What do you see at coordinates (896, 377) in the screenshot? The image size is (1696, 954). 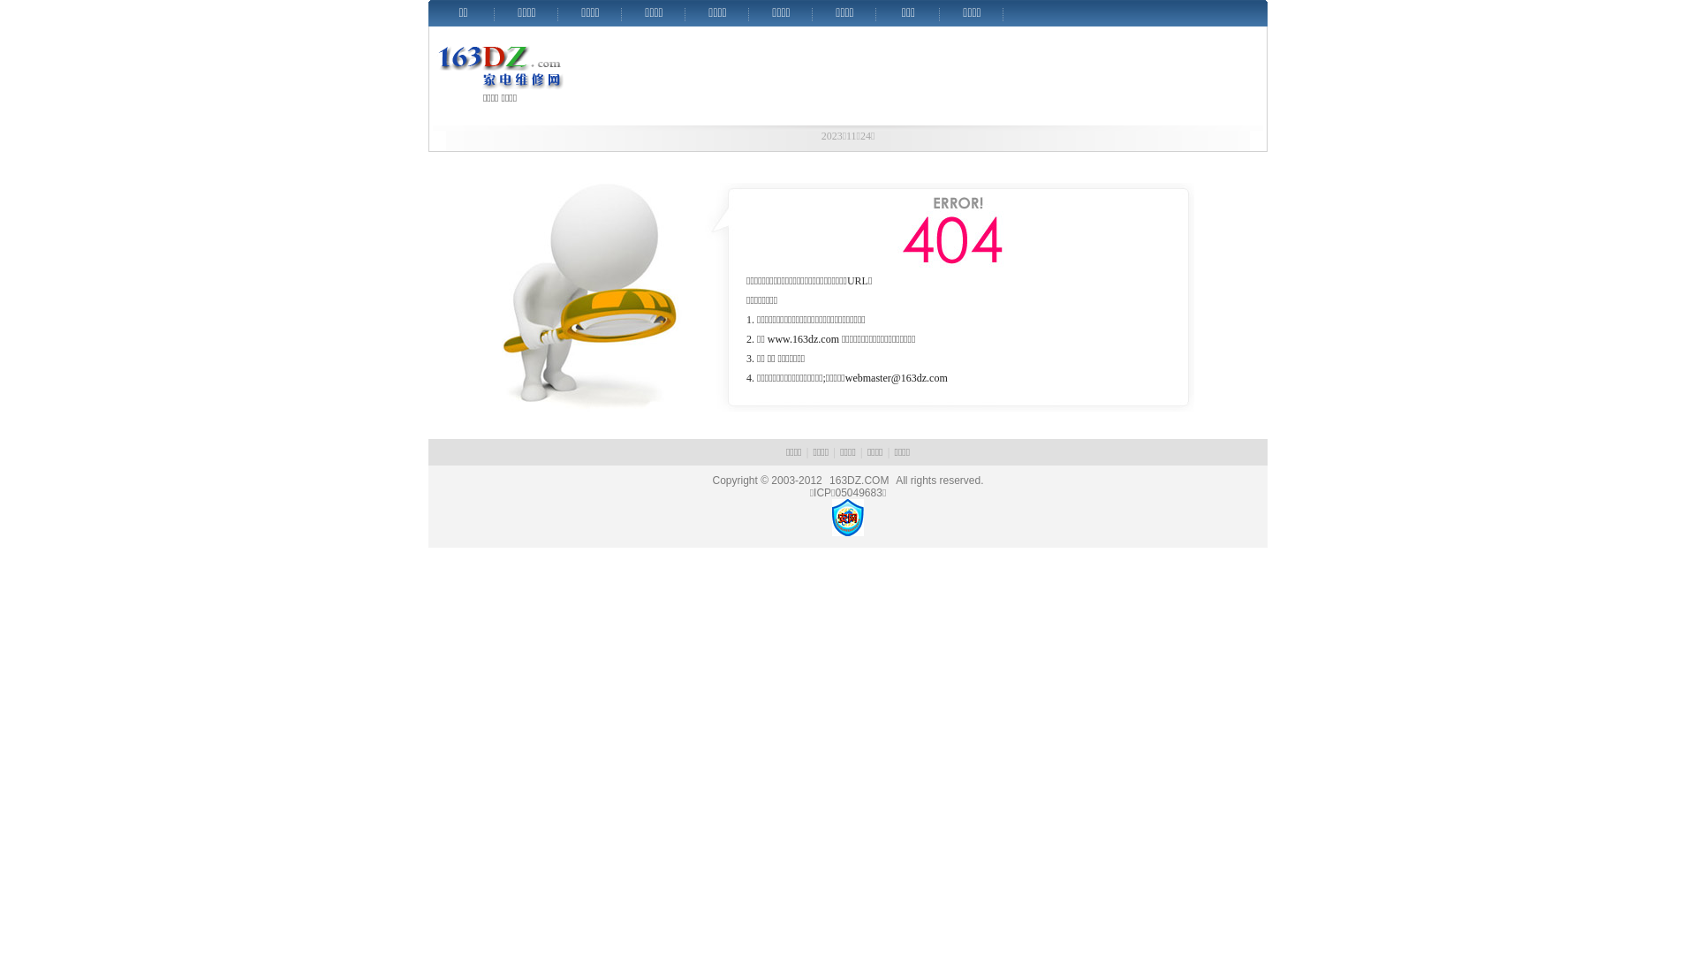 I see `'webmaster@163dz.com'` at bounding box center [896, 377].